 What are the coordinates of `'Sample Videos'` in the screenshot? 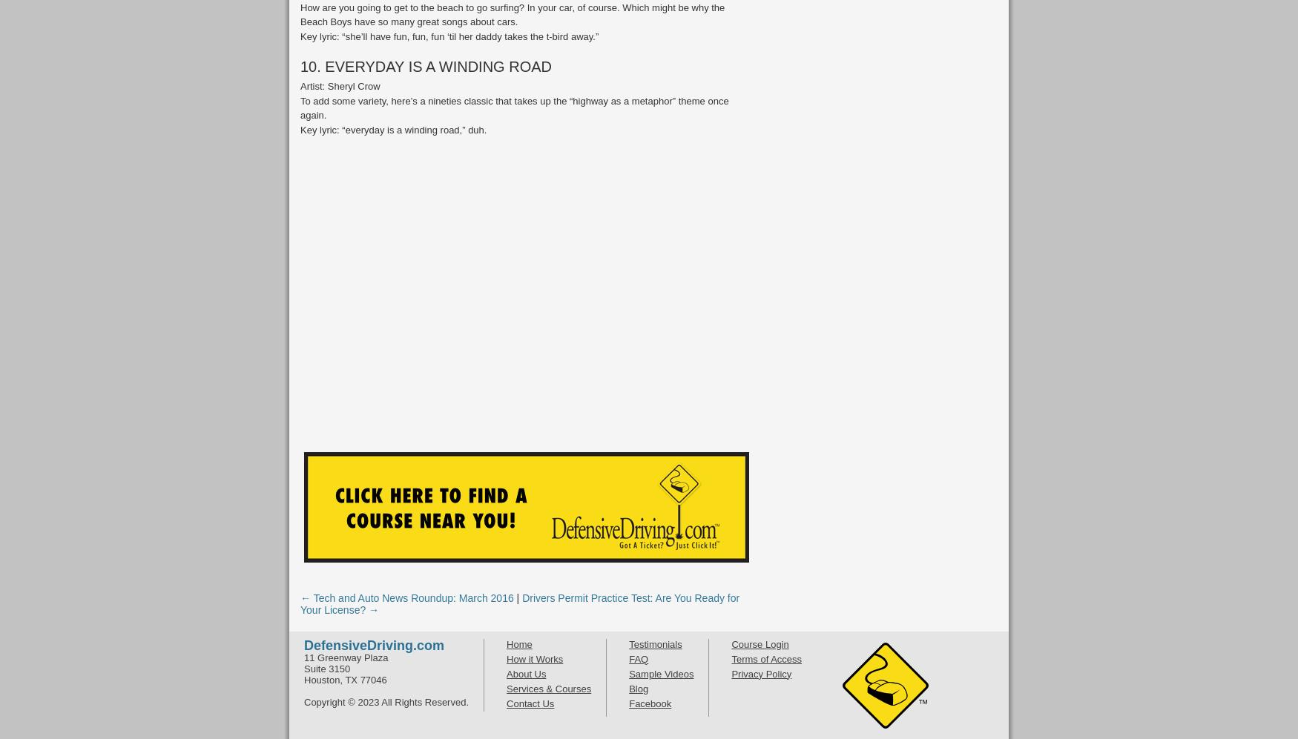 It's located at (629, 673).